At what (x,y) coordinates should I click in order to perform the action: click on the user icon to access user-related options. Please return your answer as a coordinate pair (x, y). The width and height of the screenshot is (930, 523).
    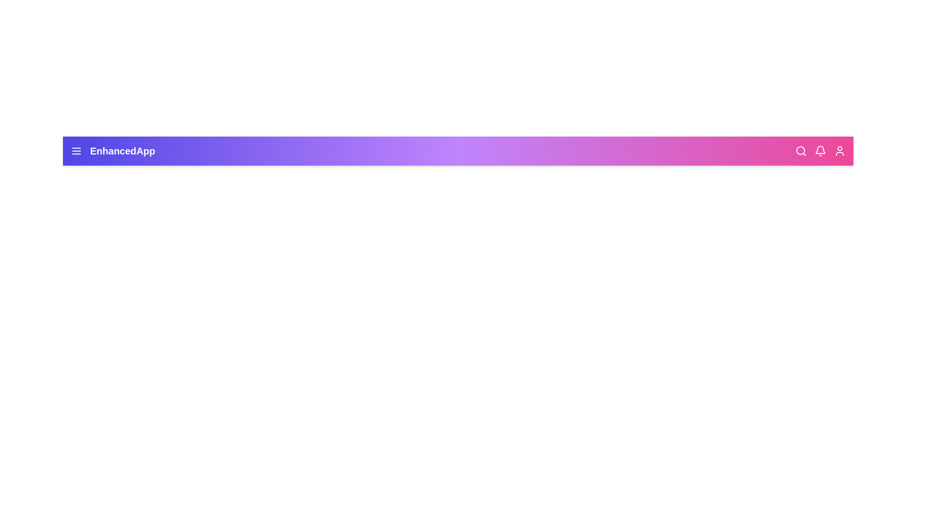
    Looking at the image, I should click on (839, 151).